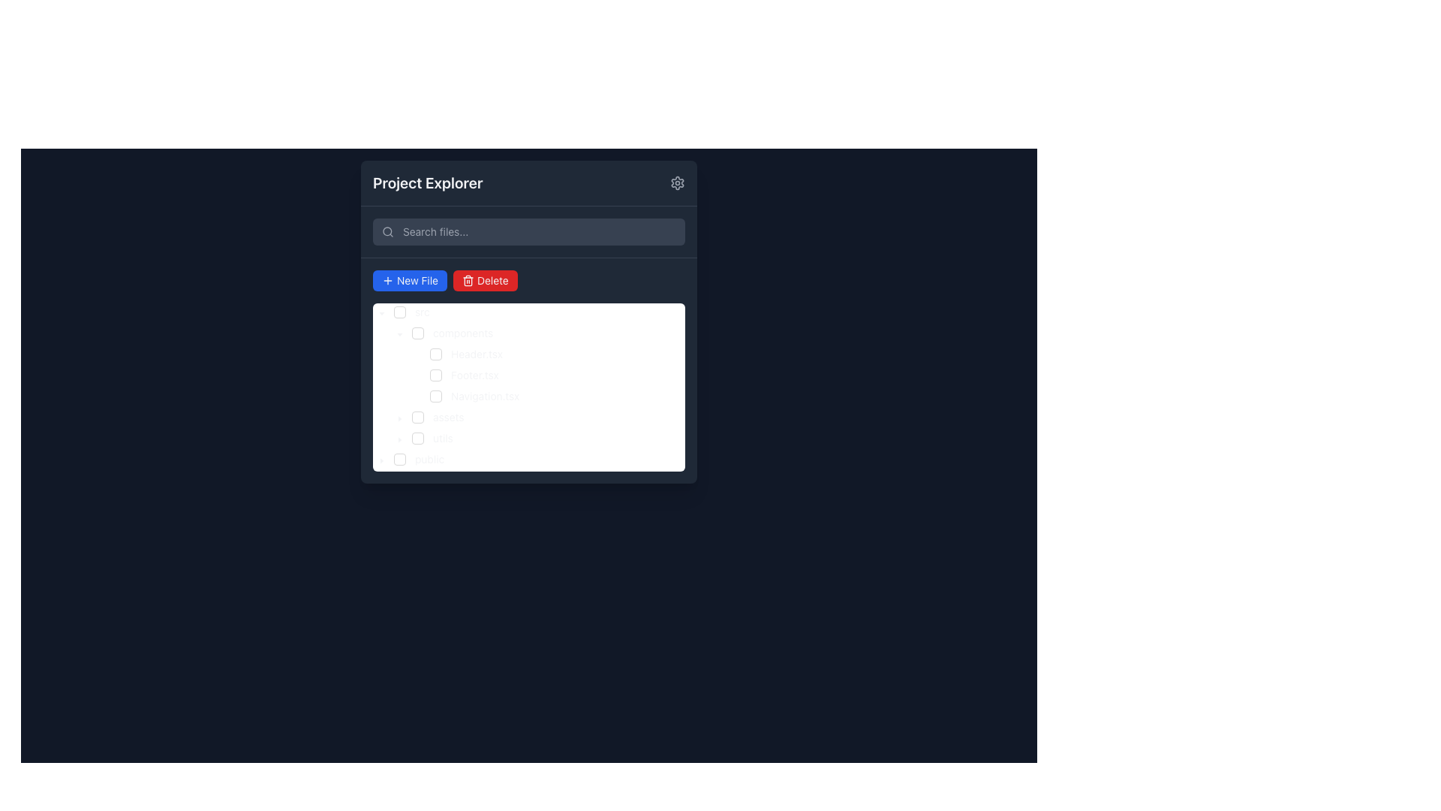  I want to click on the tree toggle icon adjacent to the label 'assets' for navigation, so click(399, 417).